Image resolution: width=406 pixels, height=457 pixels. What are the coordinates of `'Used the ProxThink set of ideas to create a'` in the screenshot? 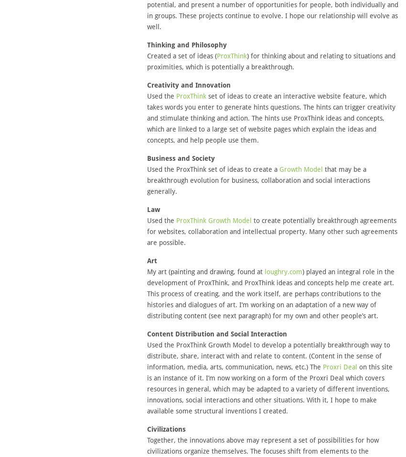 It's located at (212, 169).